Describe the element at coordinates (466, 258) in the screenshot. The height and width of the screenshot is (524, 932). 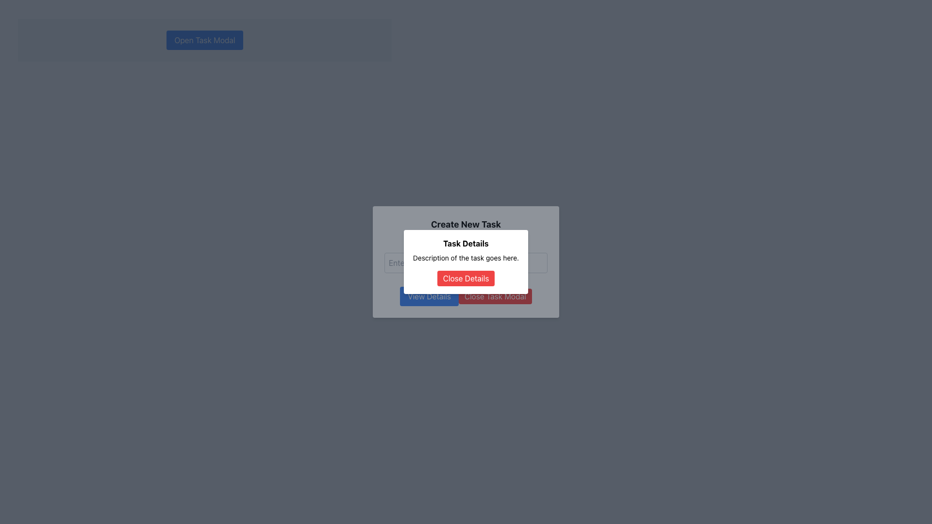
I see `the text label that reads 'Description of the task goes here.' located within the 'Task Details' modal, positioned below the title and above the 'Close Details' button` at that location.